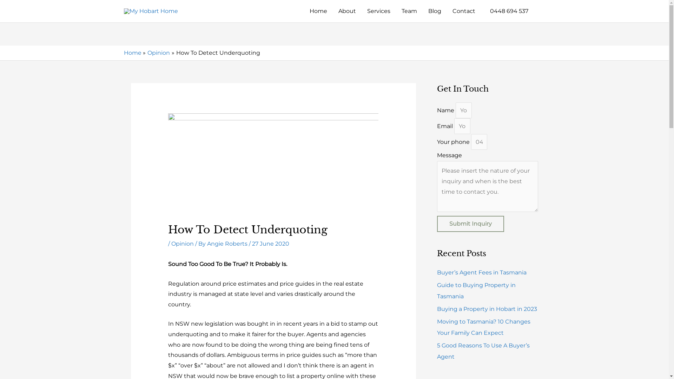  I want to click on 'Moving to Tasmania? 10 Changes Your Family Can Expect', so click(483, 327).